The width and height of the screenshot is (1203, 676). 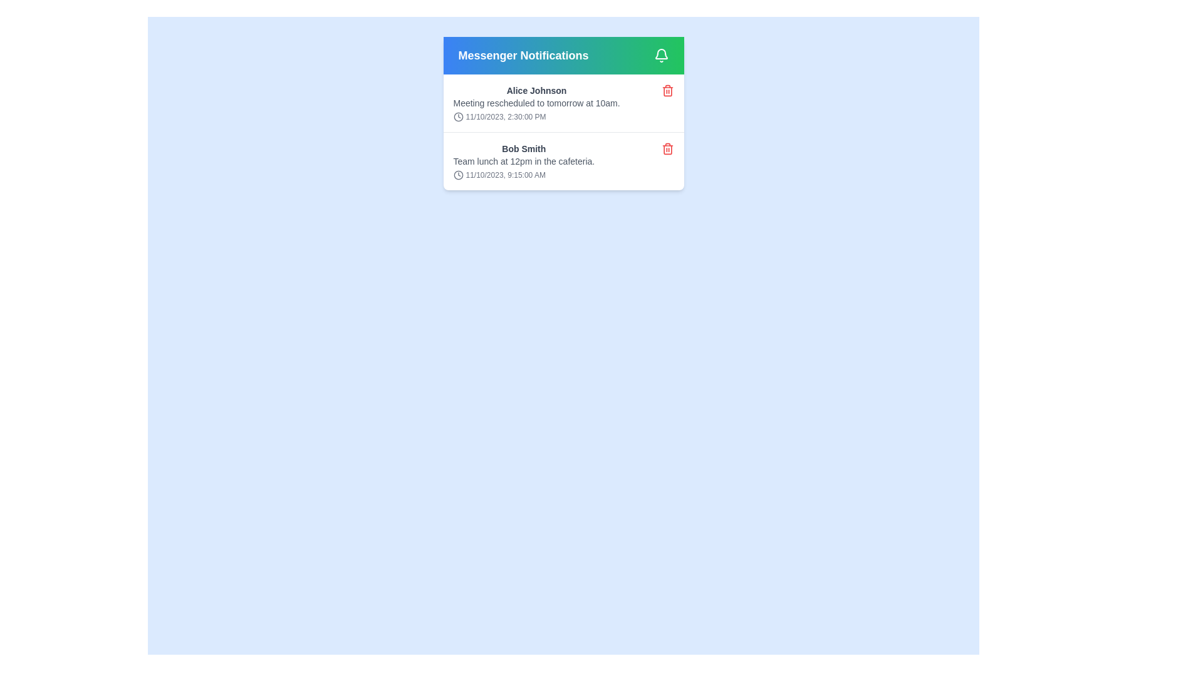 I want to click on the first notification entry in the Messenger Notifications panel, so click(x=563, y=113).